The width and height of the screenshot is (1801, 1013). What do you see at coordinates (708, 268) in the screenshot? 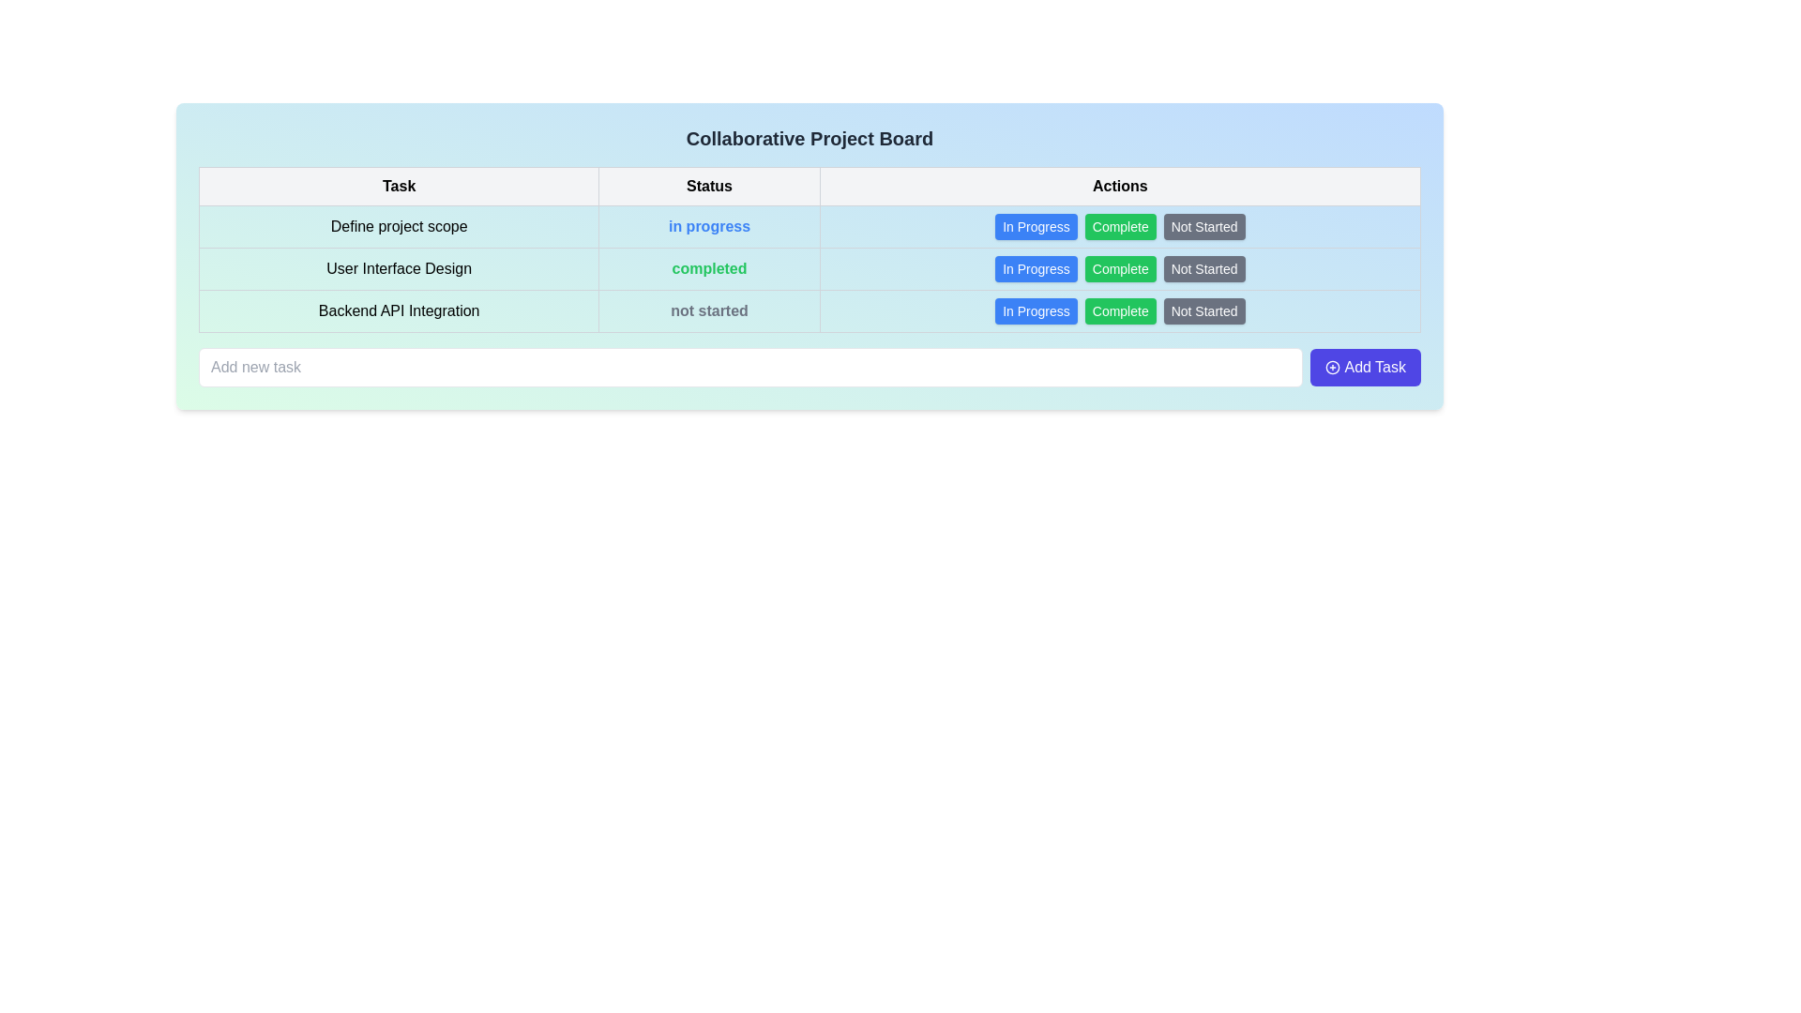
I see `the 'Completed' status text label located in the 'Status' column of the 'User Interface Design' row in the 'Collaborative Project Board' table` at bounding box center [708, 268].